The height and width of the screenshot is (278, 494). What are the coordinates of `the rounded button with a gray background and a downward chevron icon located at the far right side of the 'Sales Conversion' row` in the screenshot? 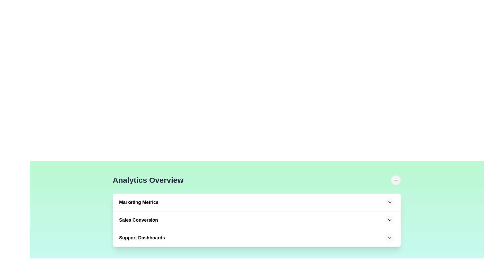 It's located at (390, 220).